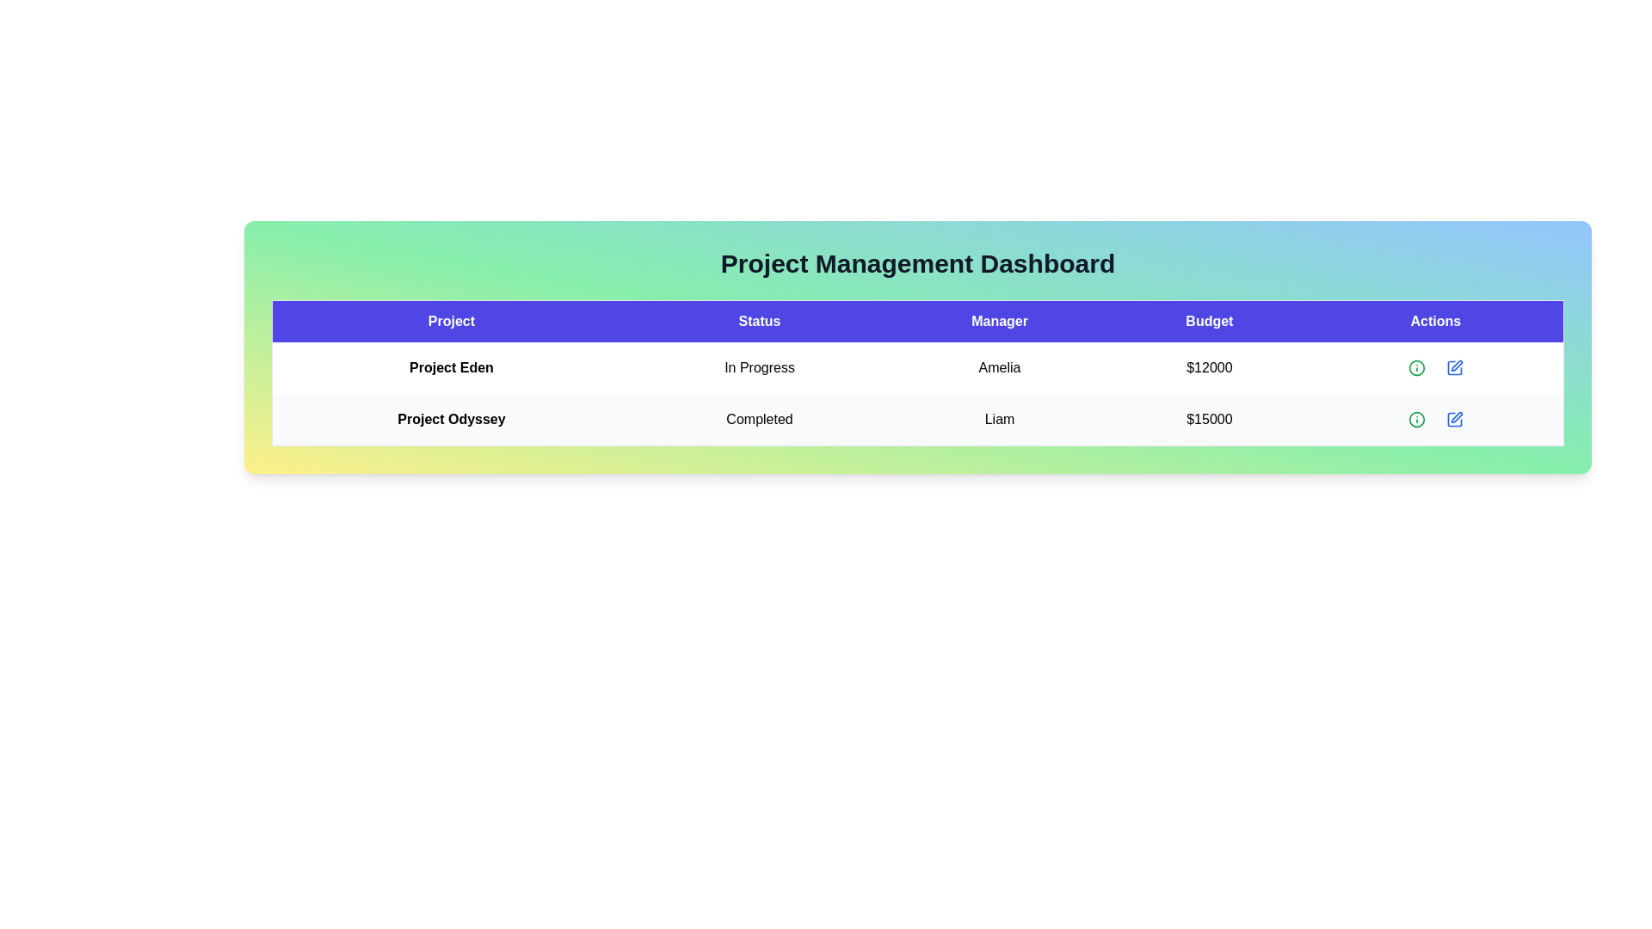 The image size is (1652, 929). What do you see at coordinates (1456, 364) in the screenshot?
I see `the edit icon resembling a pen located in the 'Actions' column of the table row for 'Project Eden'` at bounding box center [1456, 364].